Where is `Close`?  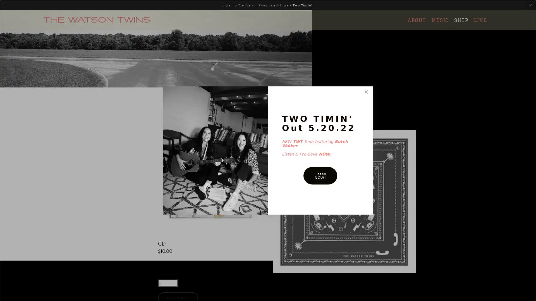
Close is located at coordinates (366, 79).